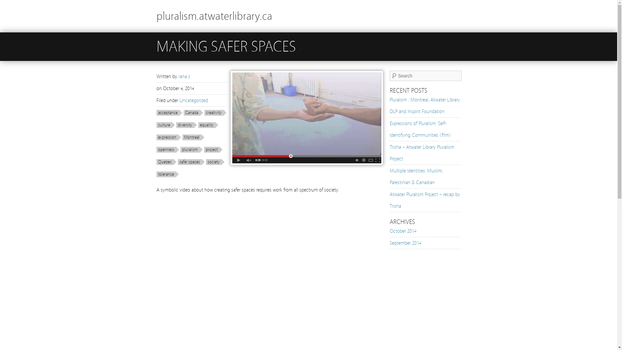 This screenshot has width=622, height=350. I want to click on 'culture', so click(165, 125).